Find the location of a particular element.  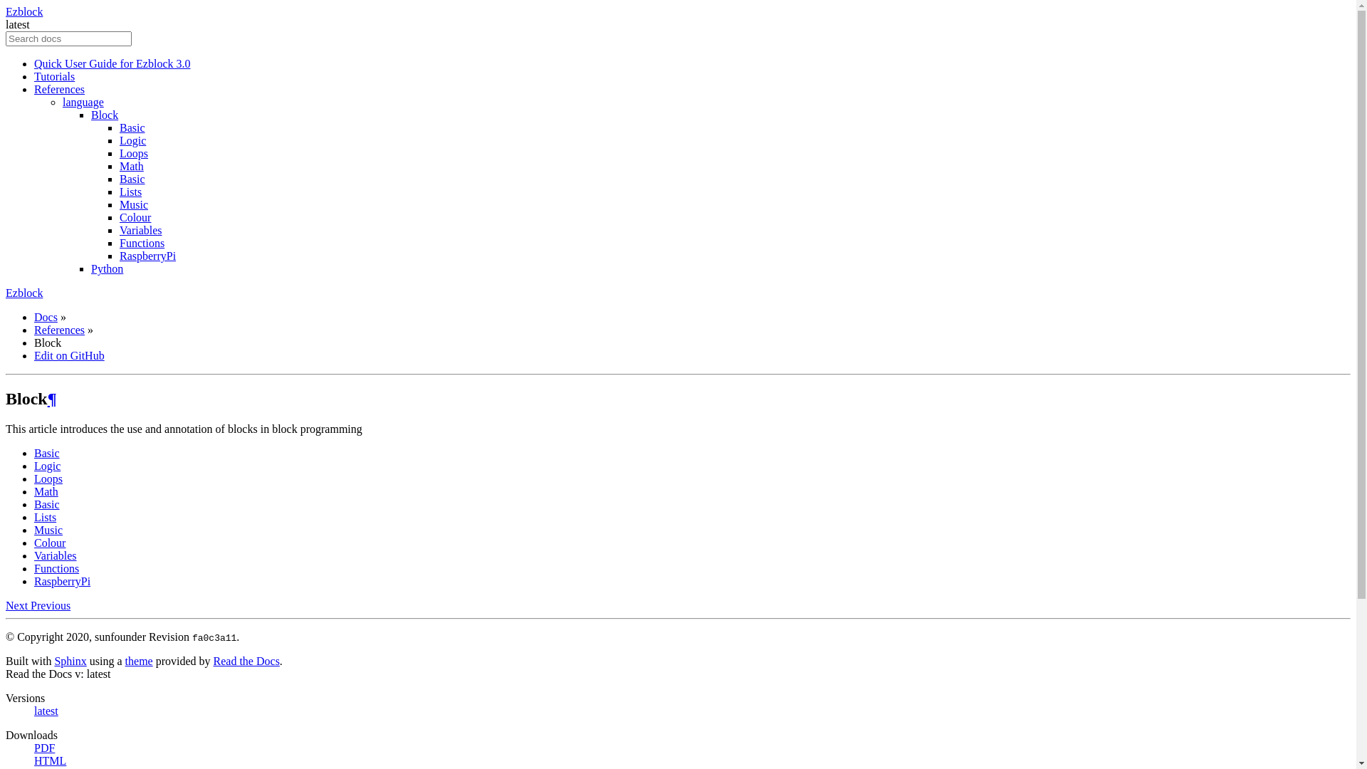

'Docs' is located at coordinates (46, 316).